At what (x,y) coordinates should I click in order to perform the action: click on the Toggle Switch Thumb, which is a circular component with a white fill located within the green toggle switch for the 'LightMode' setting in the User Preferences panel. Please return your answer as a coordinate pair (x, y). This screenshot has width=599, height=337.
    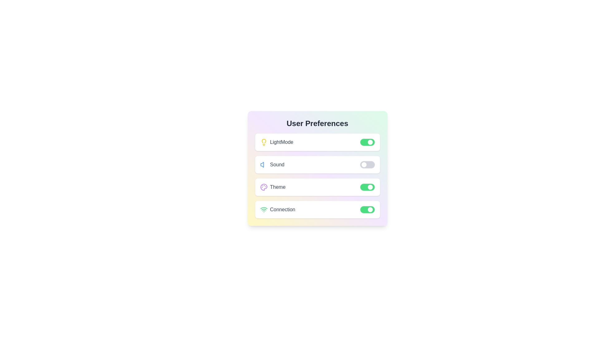
    Looking at the image, I should click on (370, 142).